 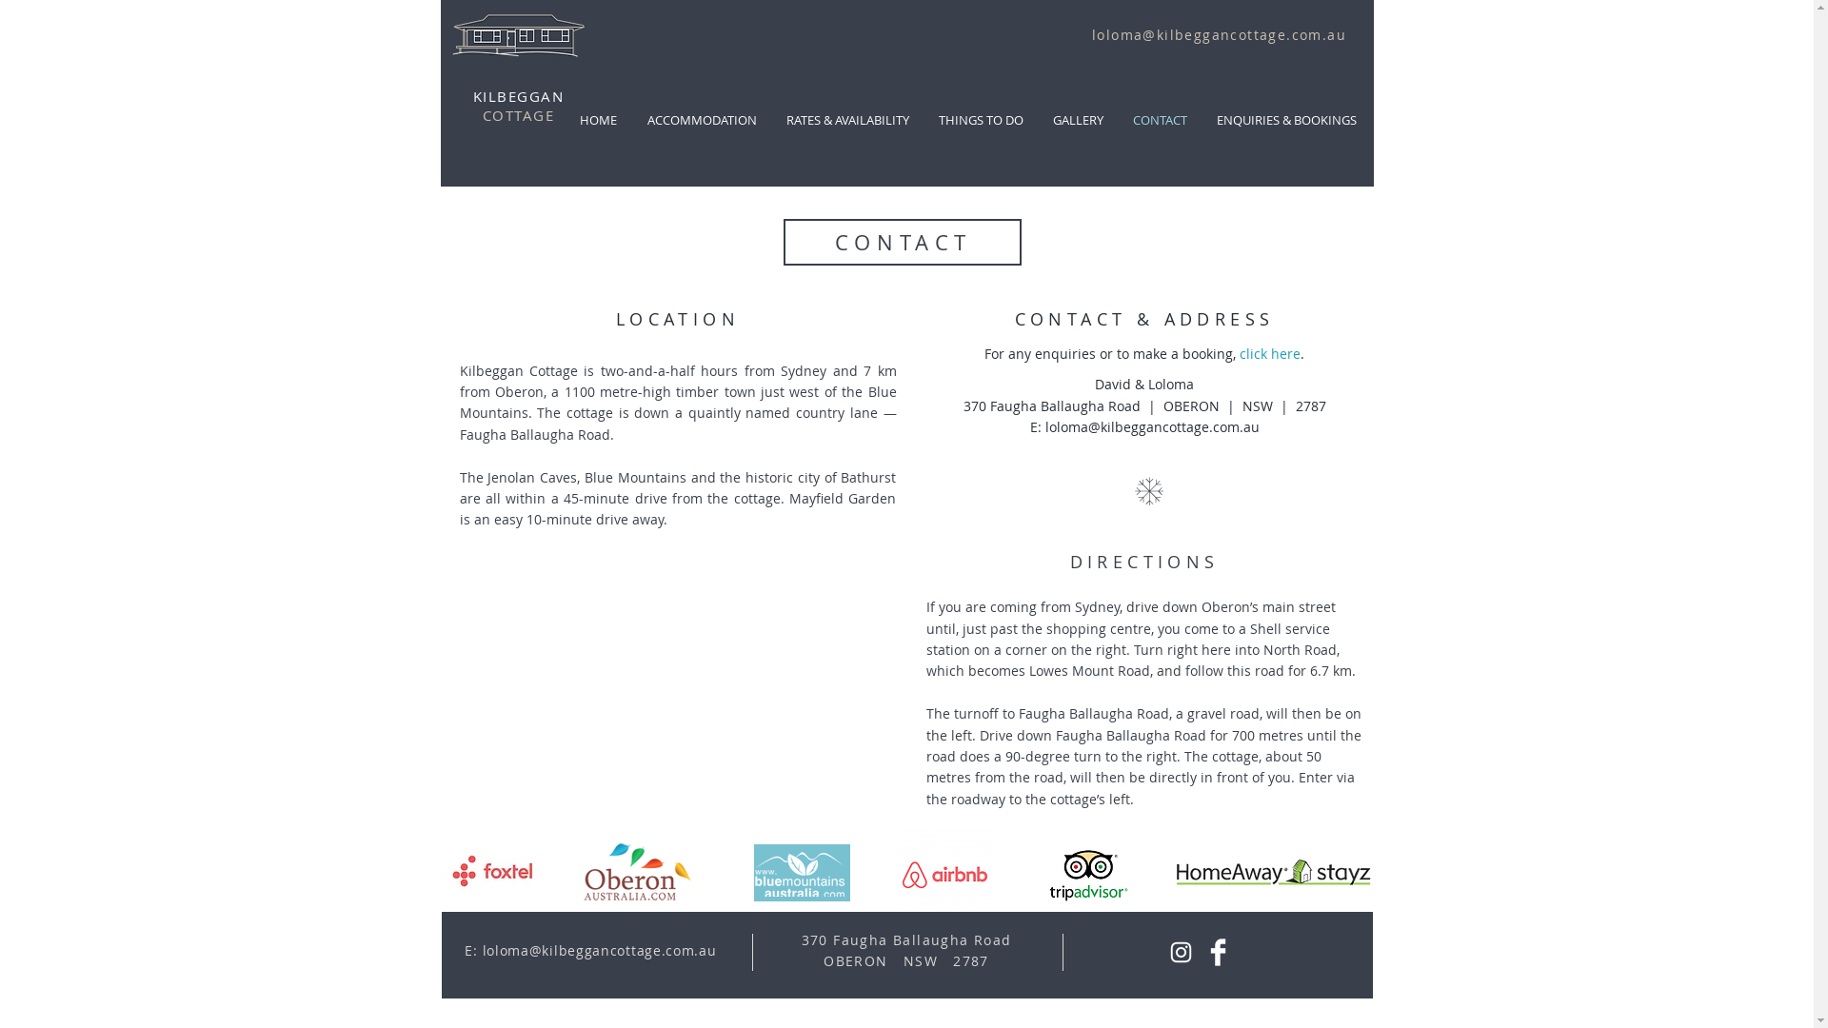 I want to click on 'E: loloma@kilbeggancottage.com.au', so click(x=588, y=950).